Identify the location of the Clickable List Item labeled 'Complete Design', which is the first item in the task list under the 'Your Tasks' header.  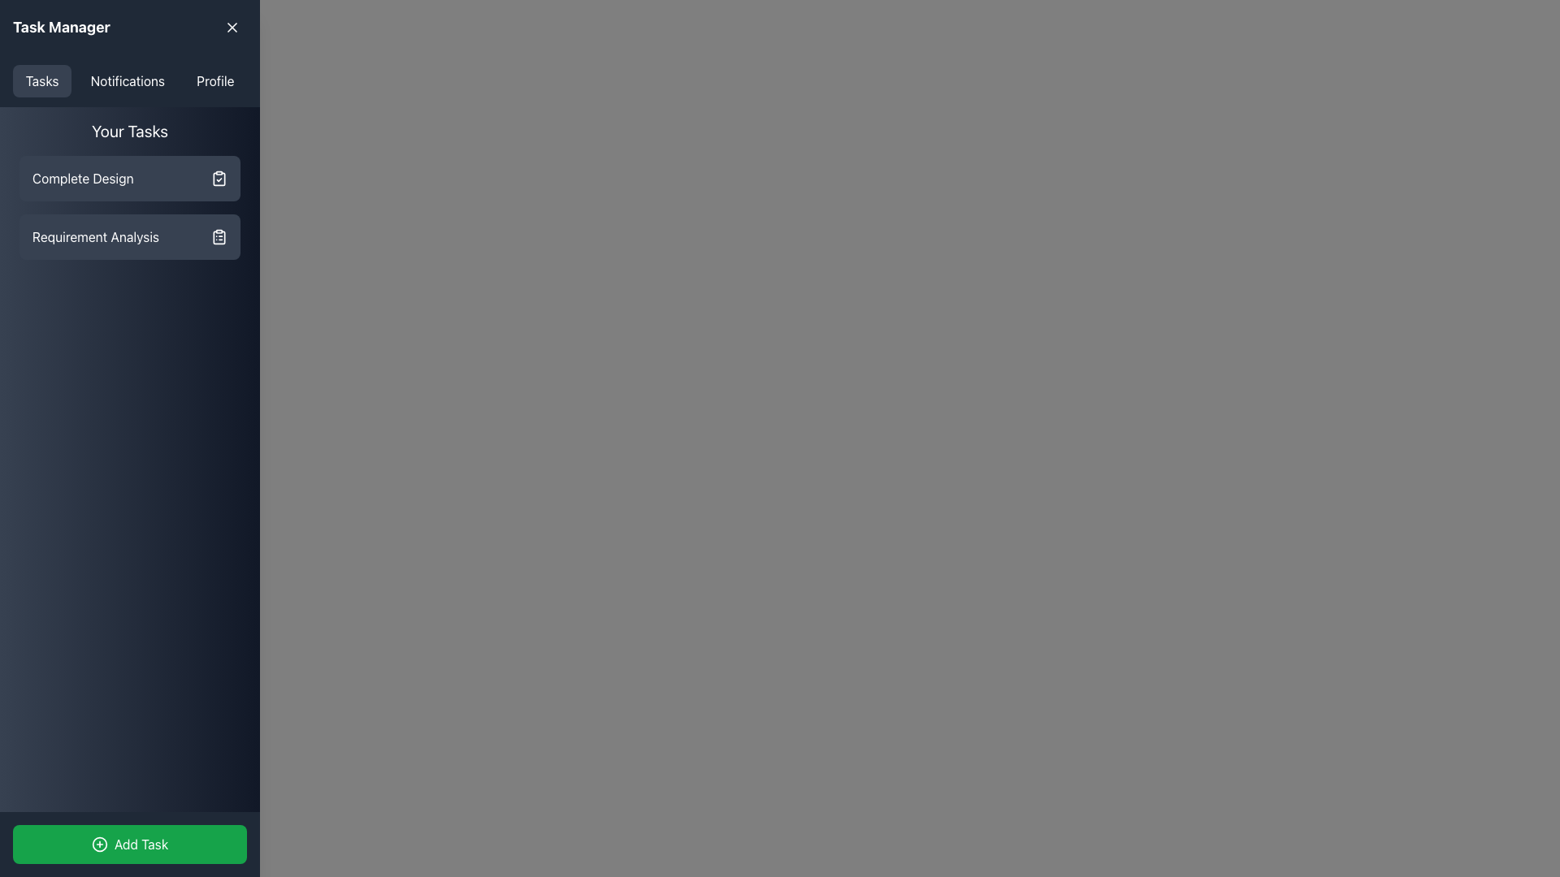
(128, 178).